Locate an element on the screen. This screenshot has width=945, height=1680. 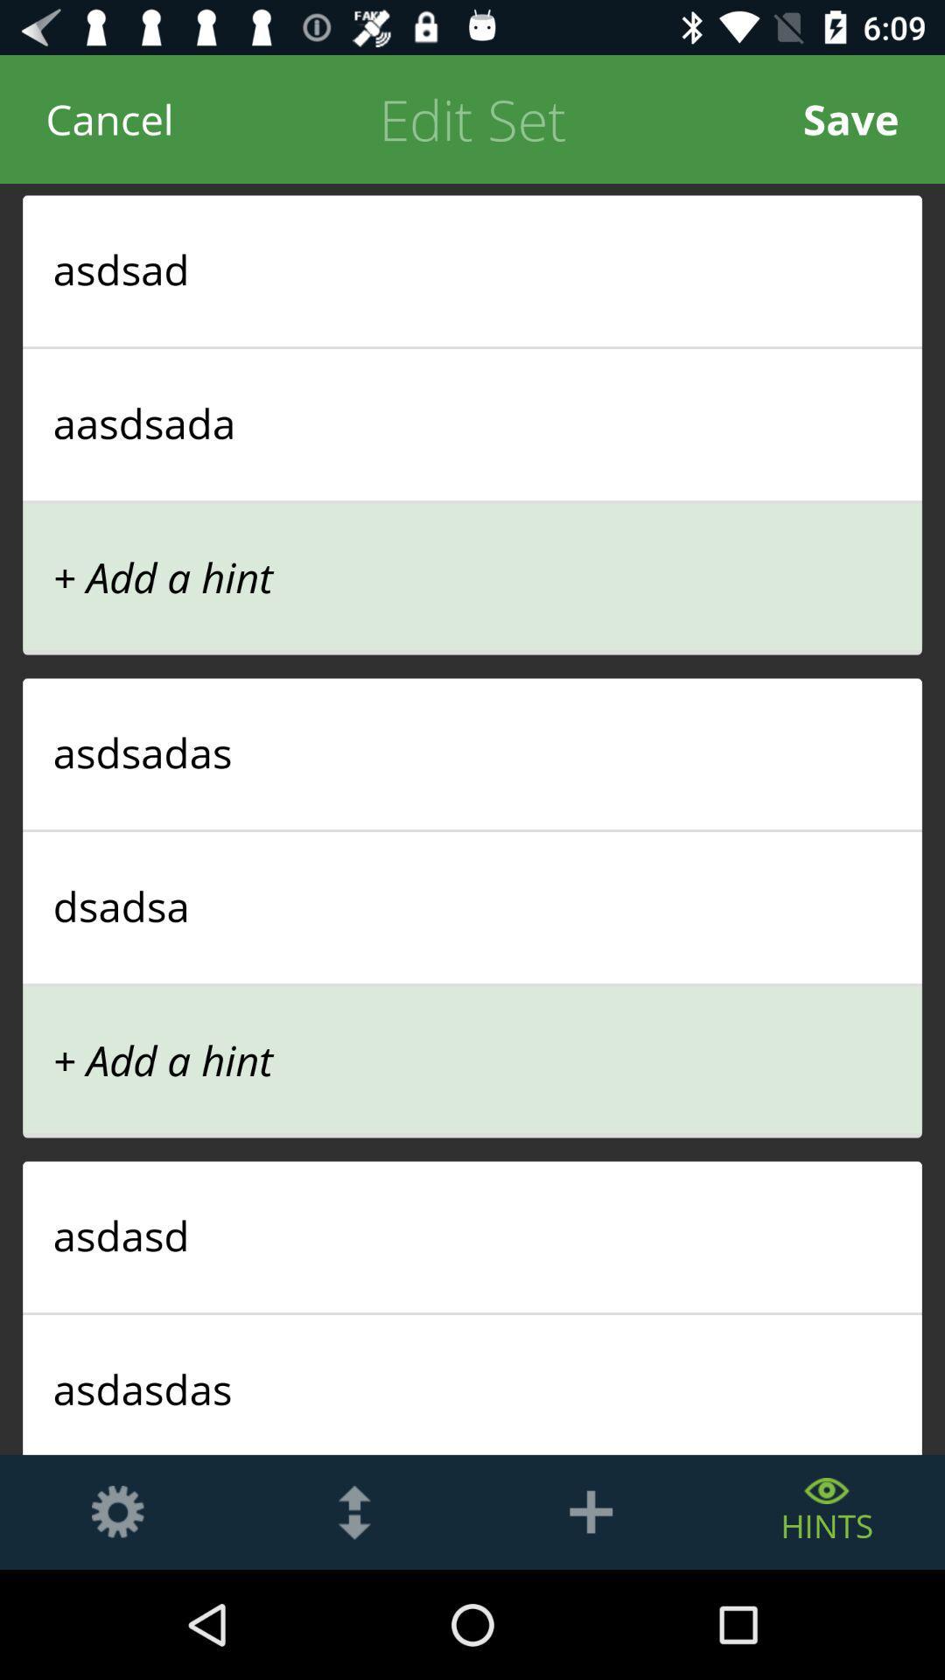
item below cancel item is located at coordinates (472, 268).